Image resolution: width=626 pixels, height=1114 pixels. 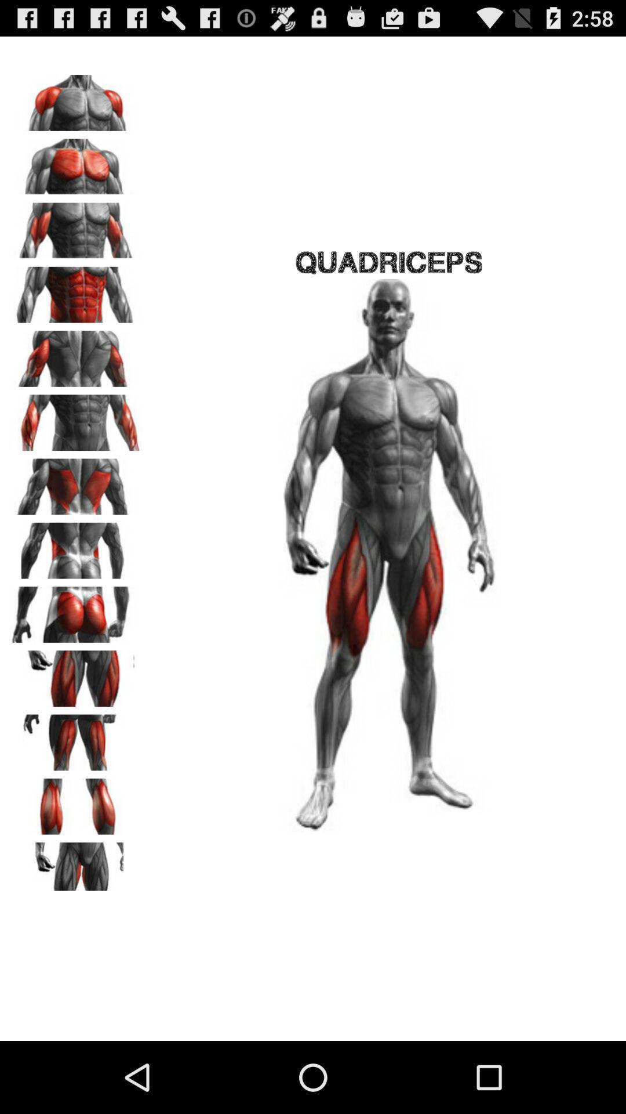 I want to click on the body part on image, so click(x=76, y=483).